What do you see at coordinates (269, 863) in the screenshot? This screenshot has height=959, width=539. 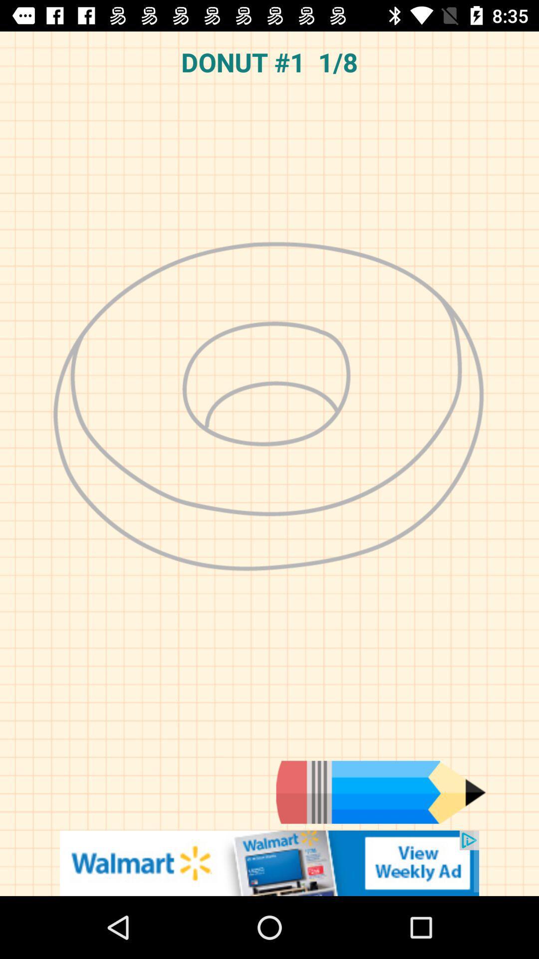 I see `link to advertisement` at bounding box center [269, 863].